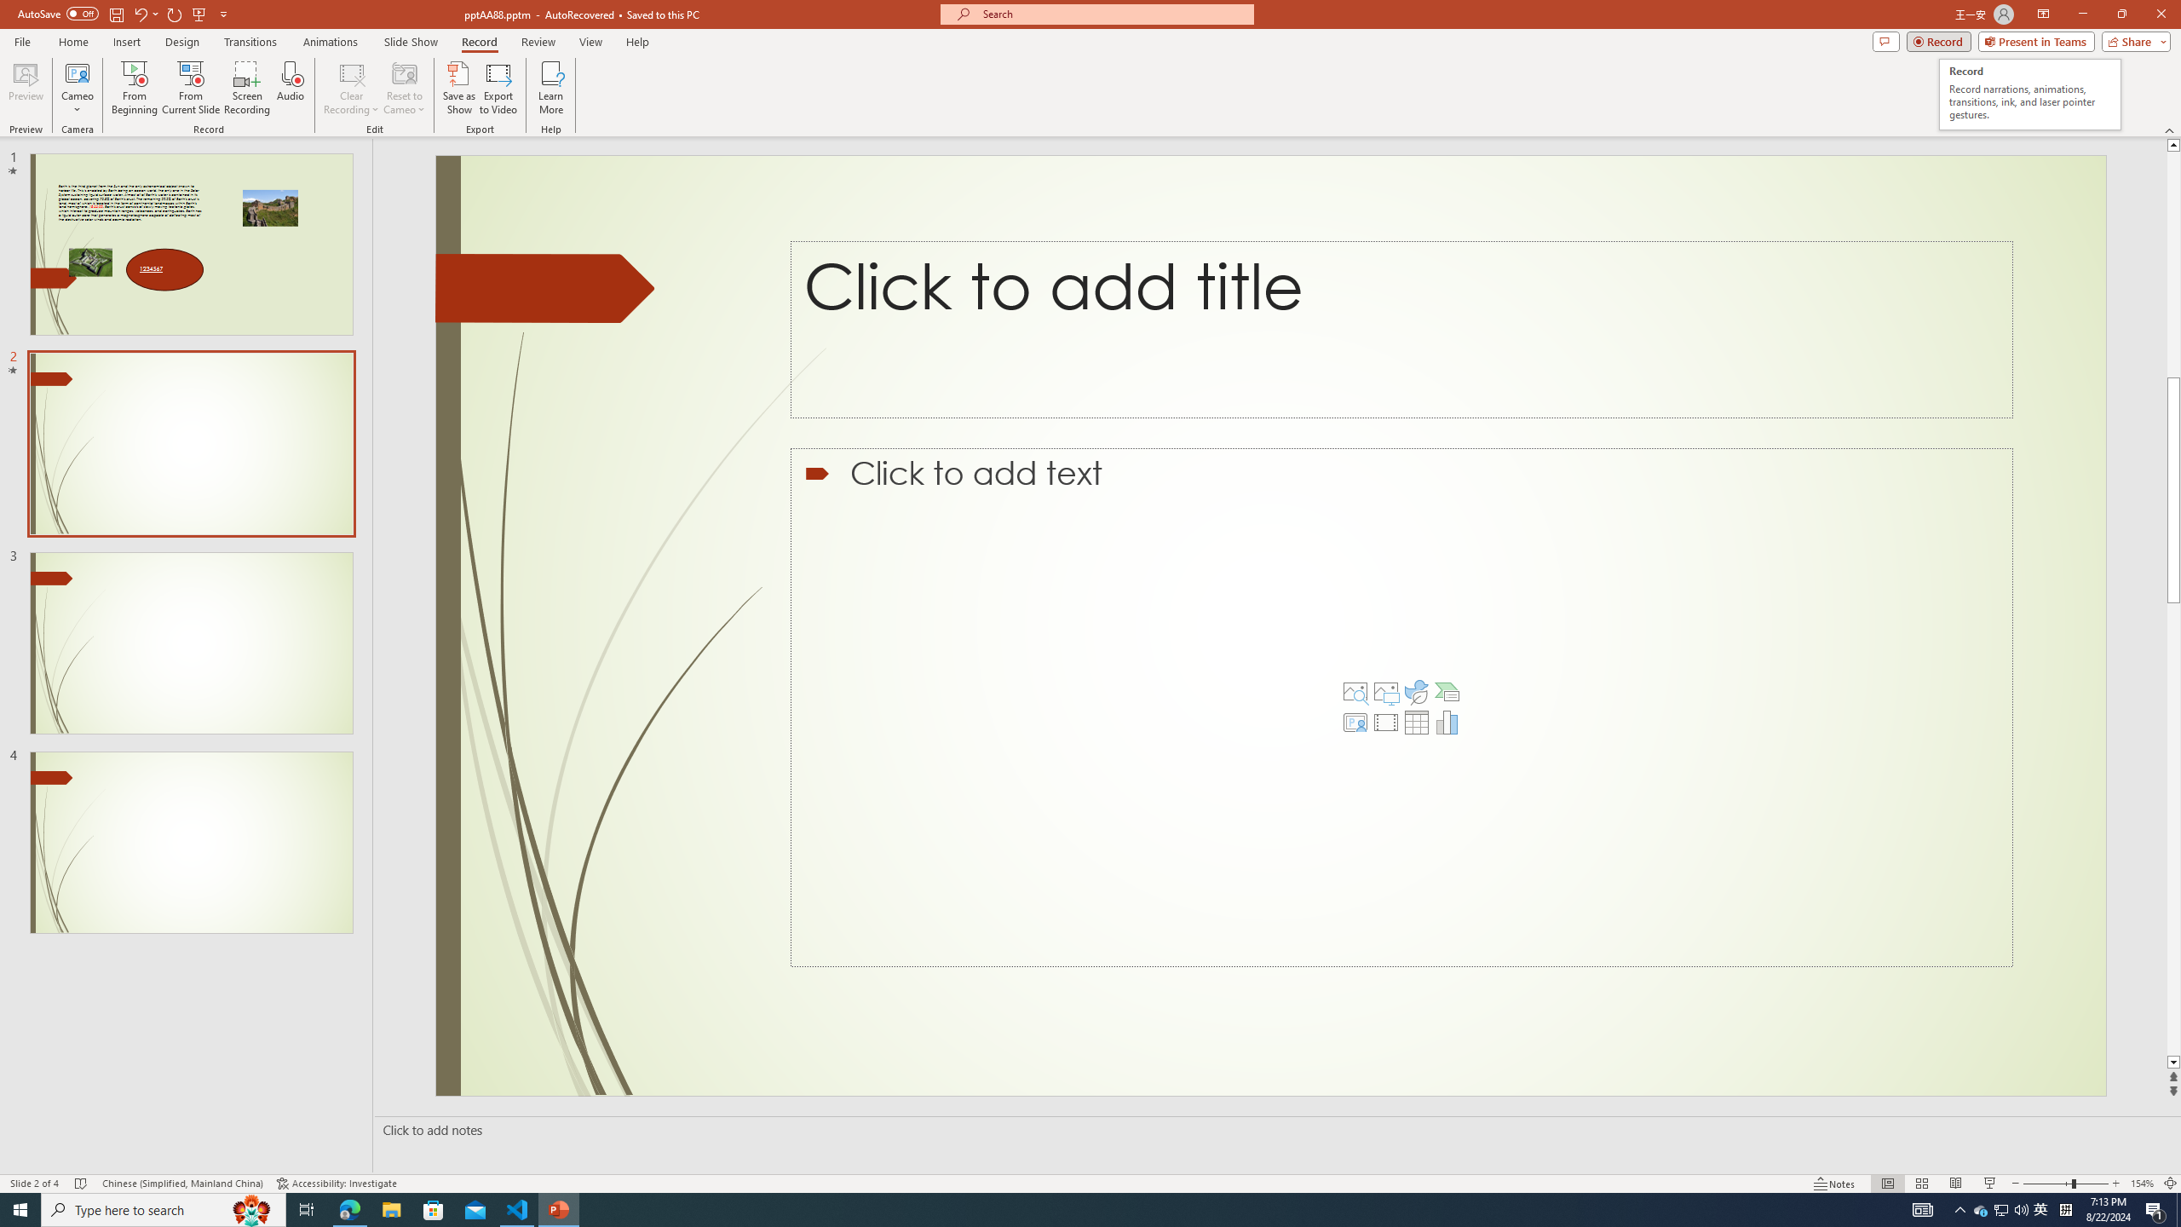 The width and height of the screenshot is (2181, 1227). Describe the element at coordinates (191, 88) in the screenshot. I see `'From Current Slide...'` at that location.